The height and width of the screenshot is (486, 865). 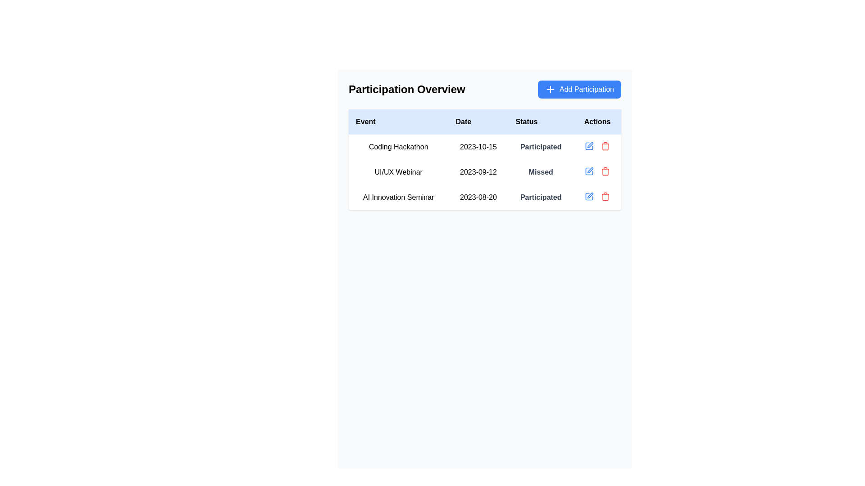 I want to click on the central area of the 'Participation Overview' table, so click(x=484, y=159).